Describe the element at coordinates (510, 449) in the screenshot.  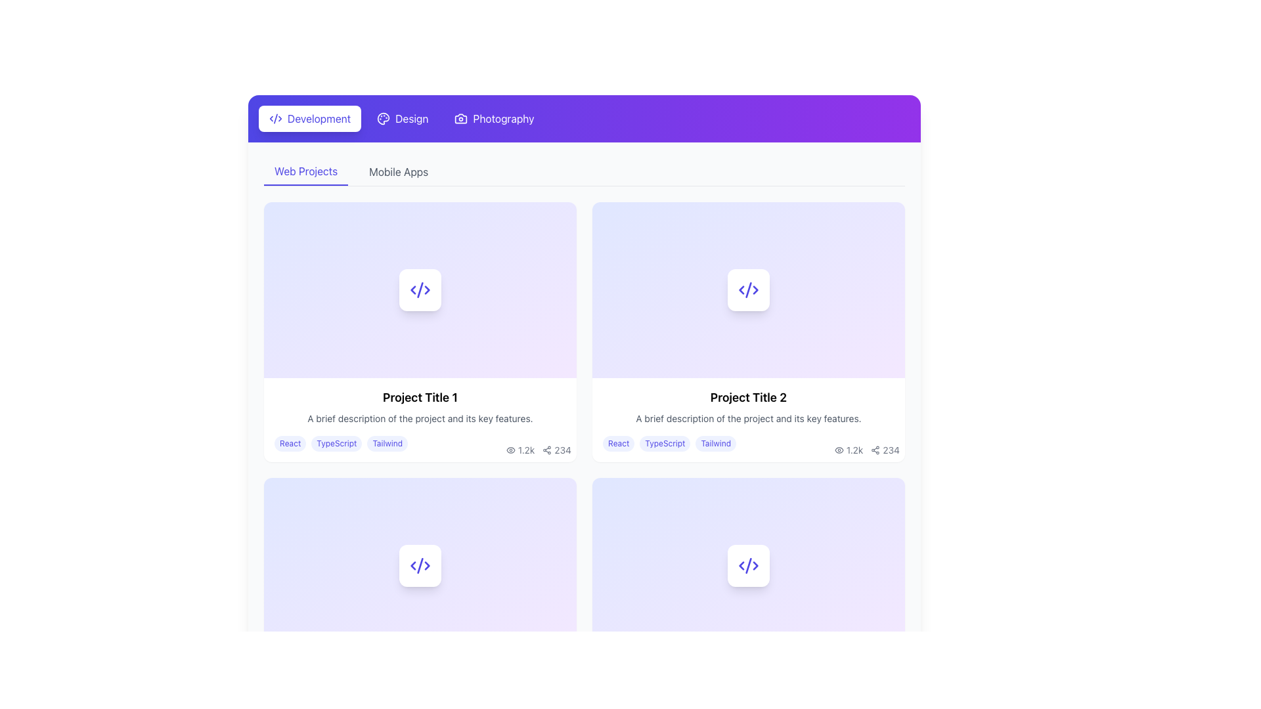
I see `the small eye-shaped icon located in the bottom-right corner of the card labeled 'Project Title 1'` at that location.